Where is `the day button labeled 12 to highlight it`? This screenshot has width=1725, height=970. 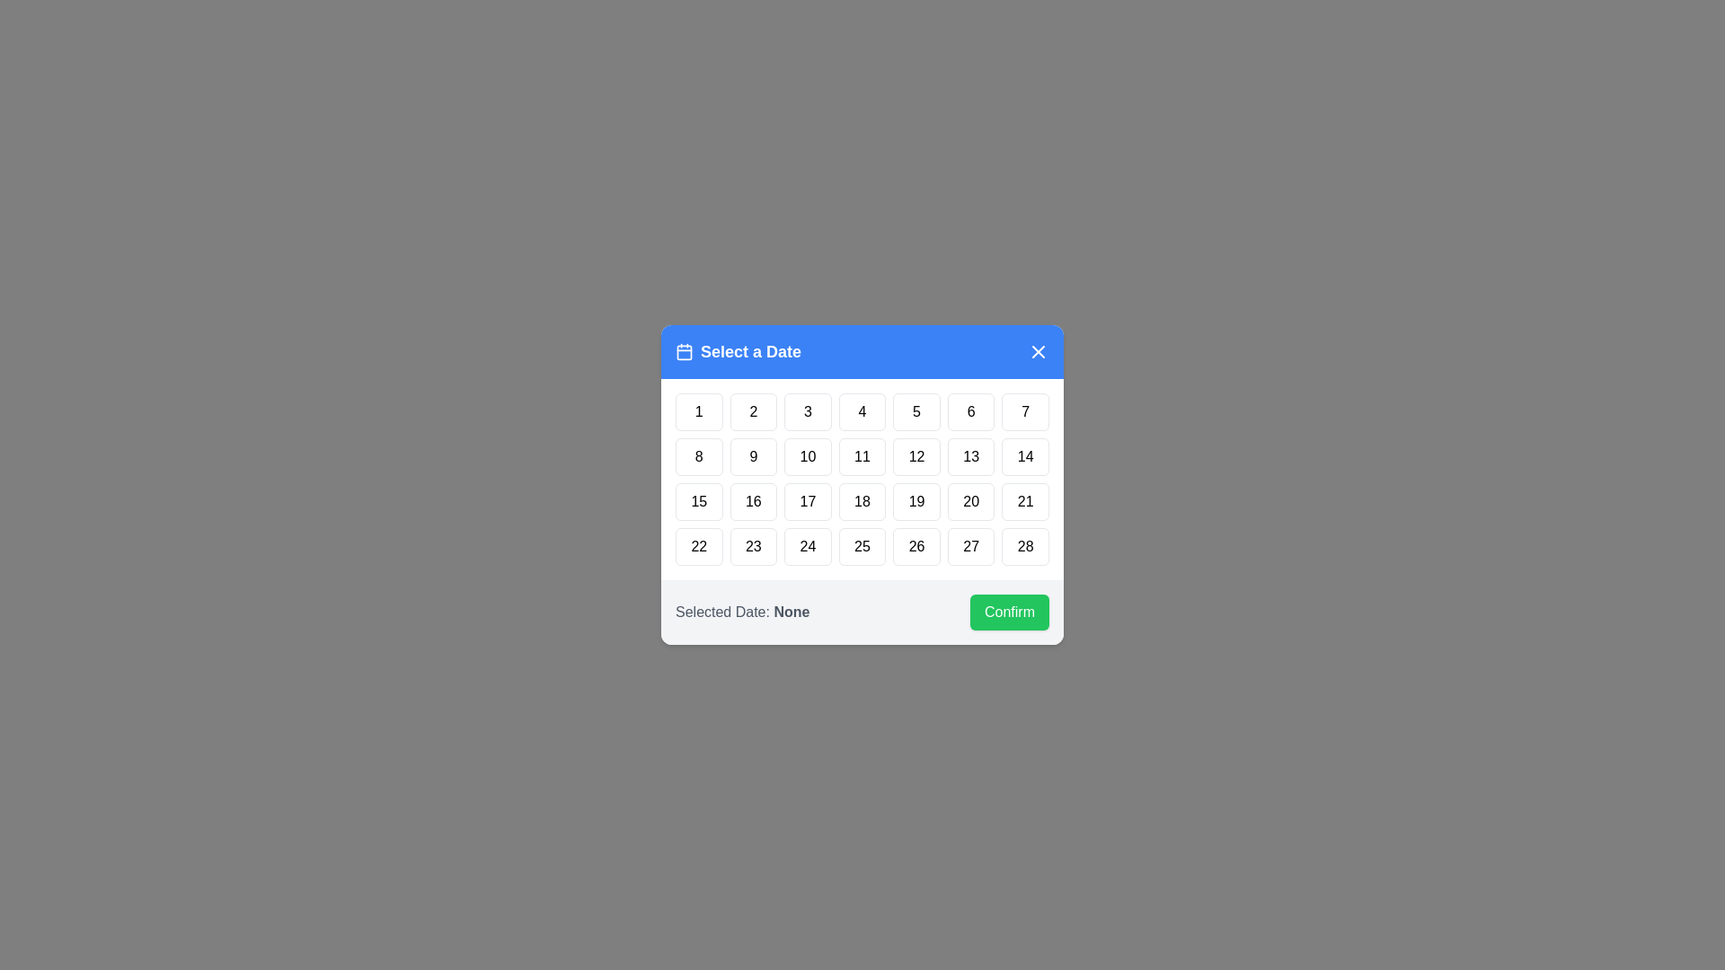
the day button labeled 12 to highlight it is located at coordinates (917, 456).